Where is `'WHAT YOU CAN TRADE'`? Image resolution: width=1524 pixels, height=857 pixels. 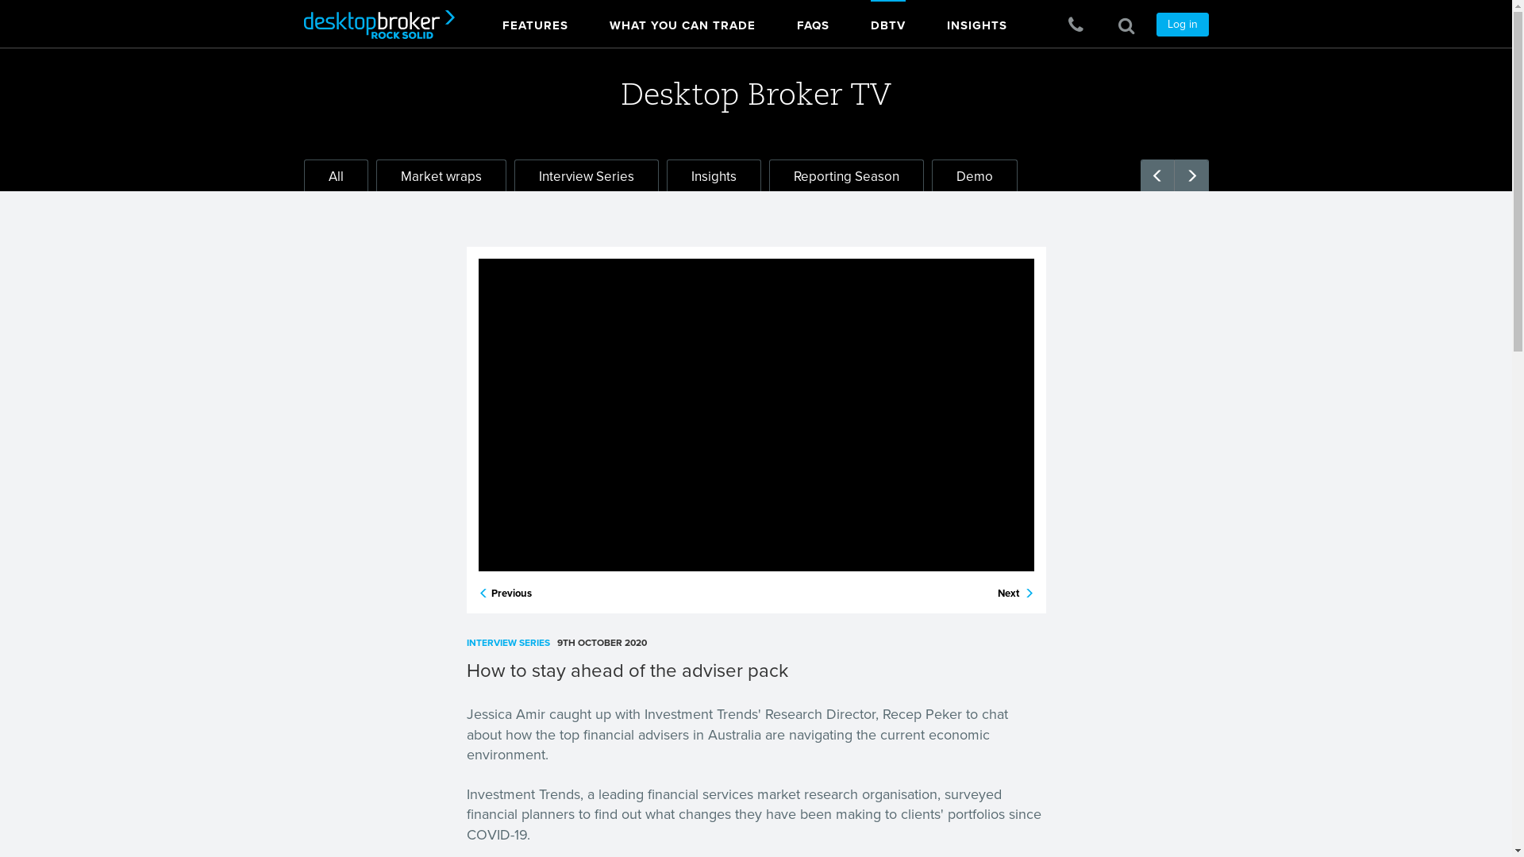
'WHAT YOU CAN TRADE' is located at coordinates (609, 21).